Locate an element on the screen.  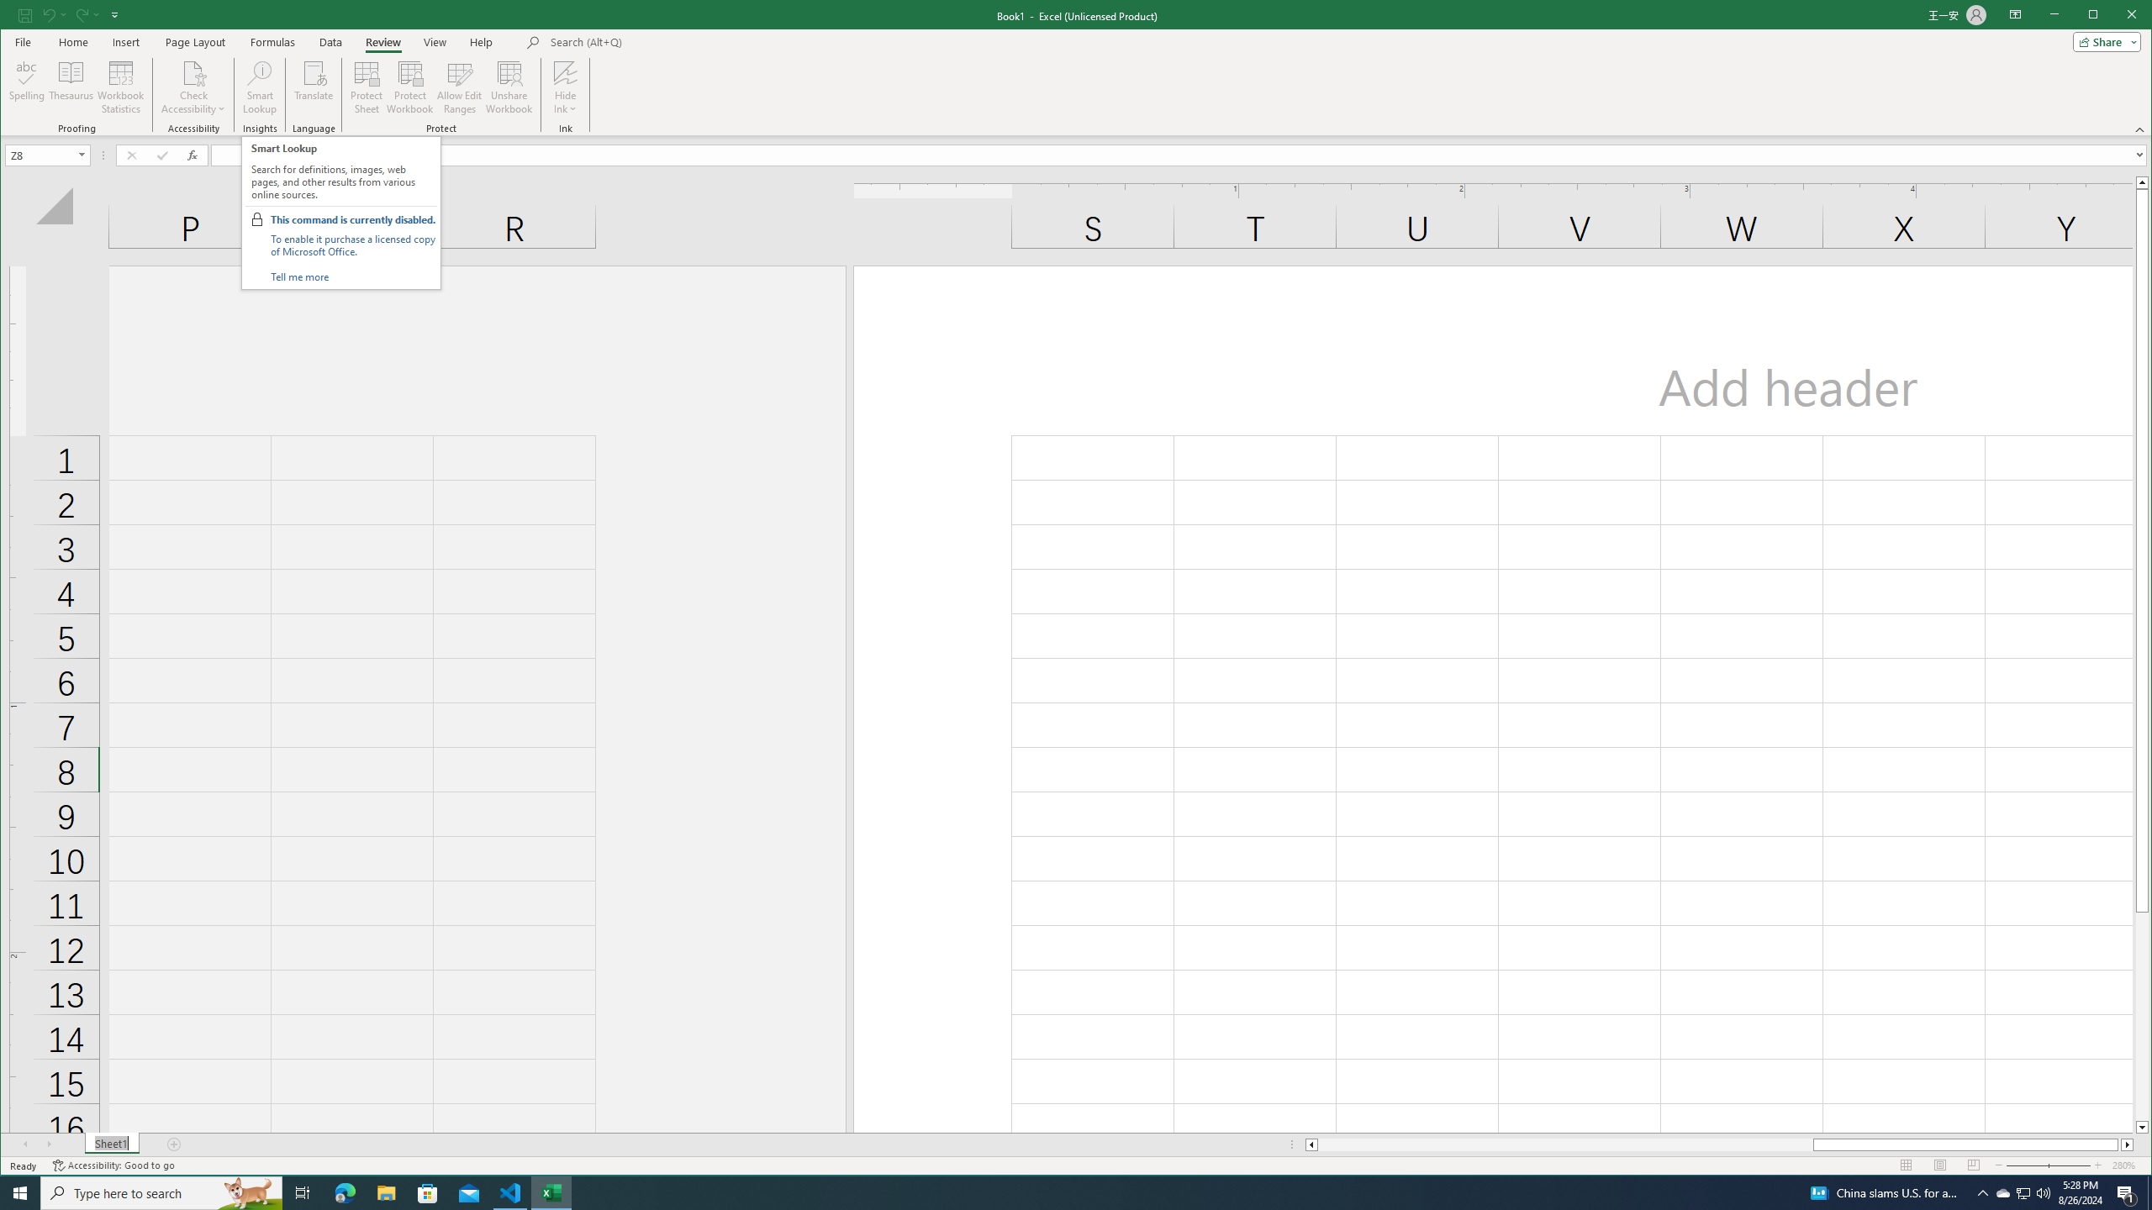
'Start' is located at coordinates (20, 1192).